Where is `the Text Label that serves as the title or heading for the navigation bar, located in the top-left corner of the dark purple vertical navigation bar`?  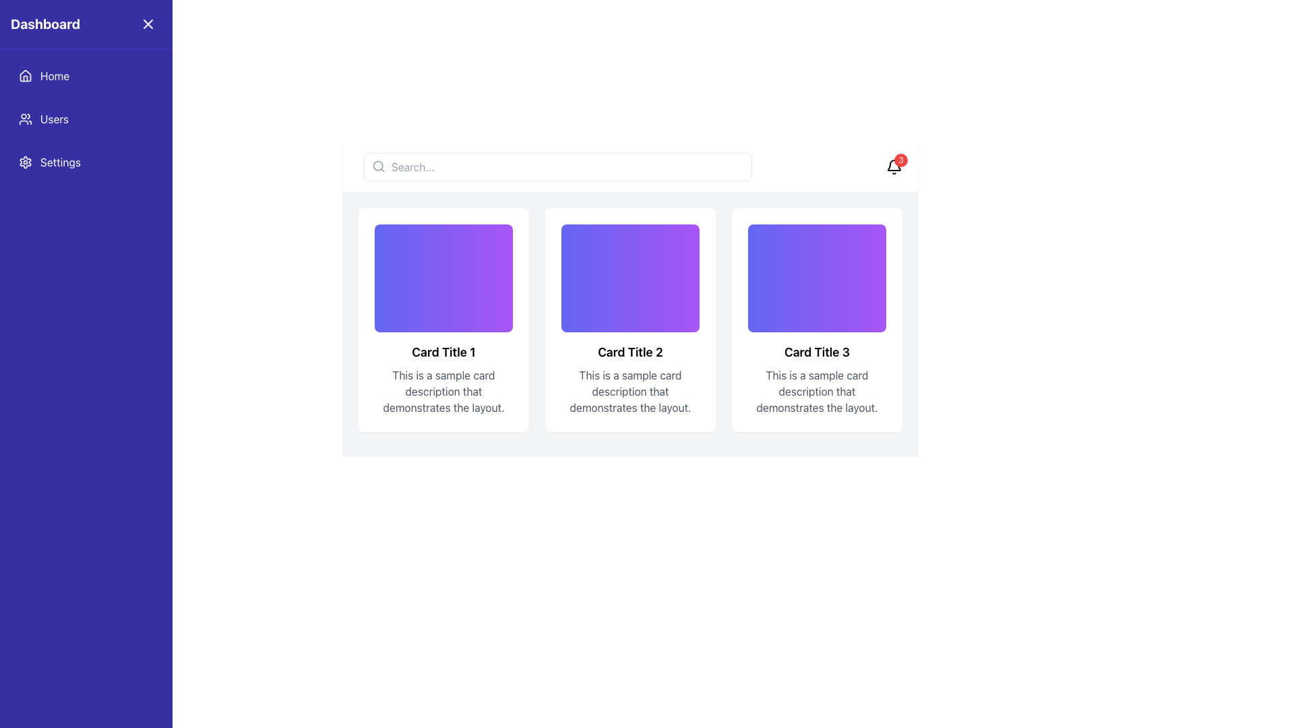 the Text Label that serves as the title or heading for the navigation bar, located in the top-left corner of the dark purple vertical navigation bar is located at coordinates (45, 24).